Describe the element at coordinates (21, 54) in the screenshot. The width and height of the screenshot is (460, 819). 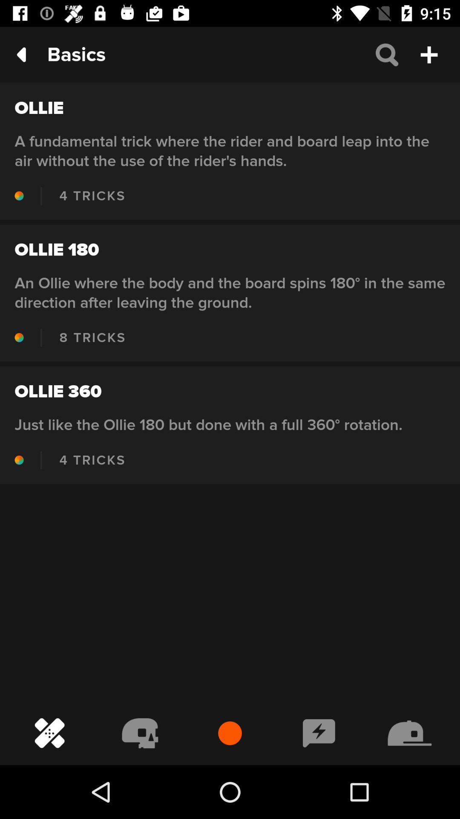
I see `the arrow_backward icon` at that location.